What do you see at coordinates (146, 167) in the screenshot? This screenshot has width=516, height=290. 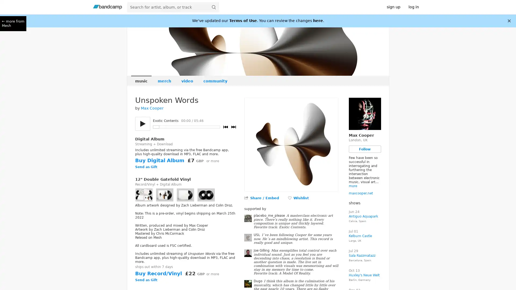 I see `Send as Gift` at bounding box center [146, 167].